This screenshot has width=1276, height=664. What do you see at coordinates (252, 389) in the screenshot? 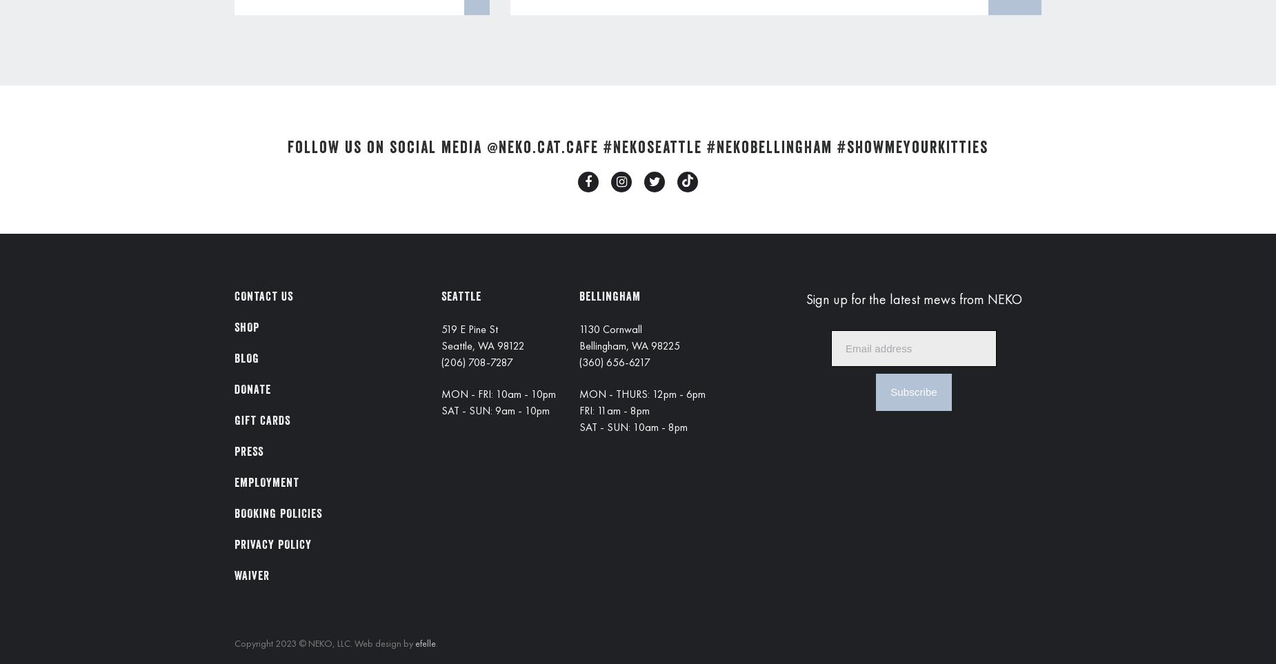
I see `'Donate'` at bounding box center [252, 389].